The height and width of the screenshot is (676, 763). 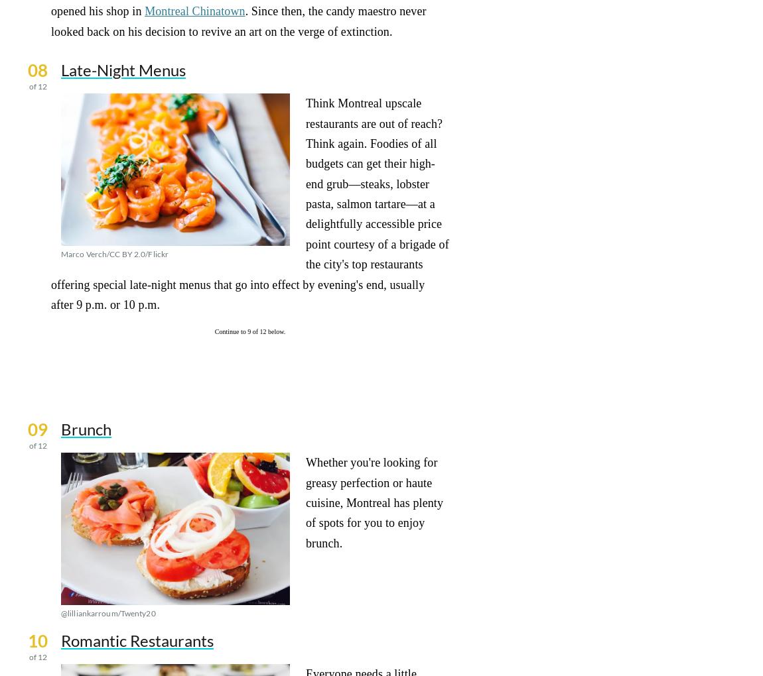 I want to click on '10', so click(x=37, y=640).